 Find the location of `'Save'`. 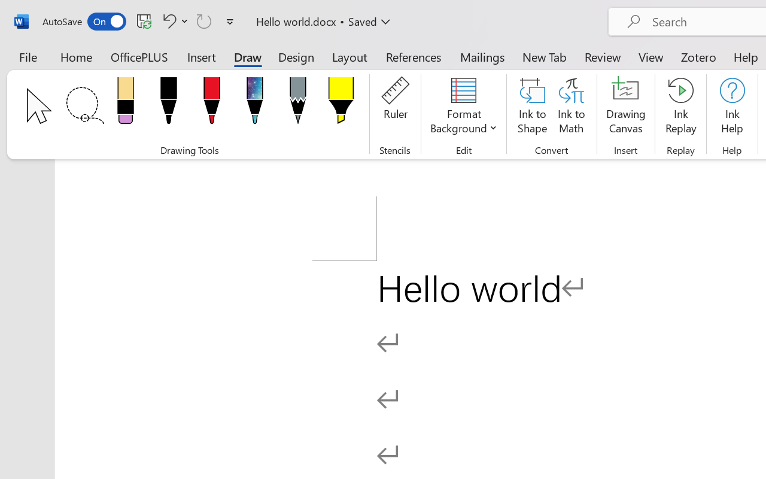

'Save' is located at coordinates (144, 20).